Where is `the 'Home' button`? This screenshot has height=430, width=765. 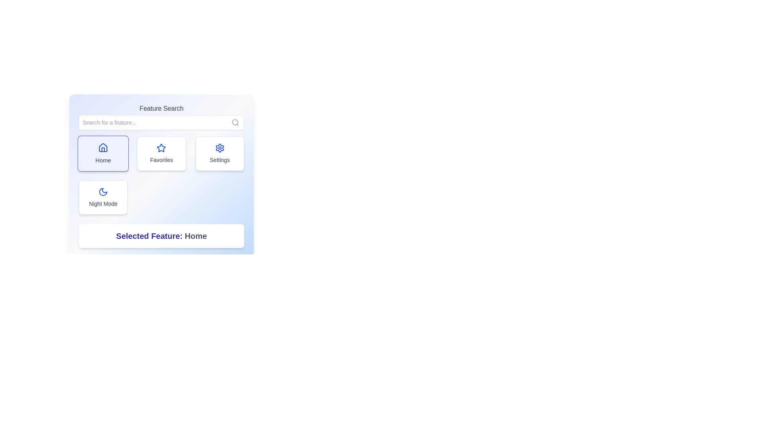
the 'Home' button is located at coordinates (103, 153).